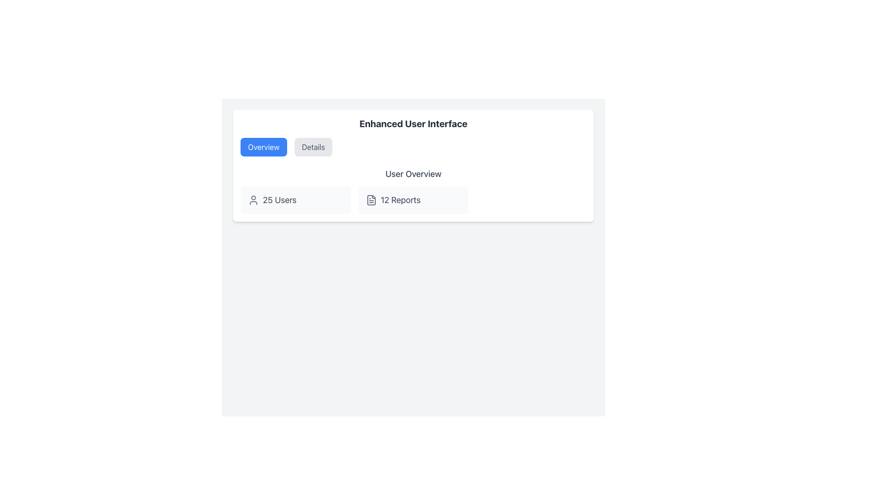  I want to click on the button located to the right of the 'Overview' button, so click(313, 147).